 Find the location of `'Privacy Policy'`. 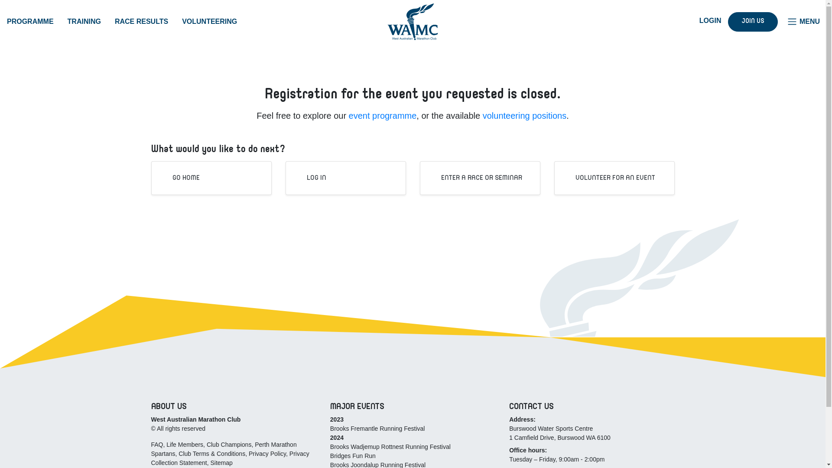

'Privacy Policy' is located at coordinates (267, 453).